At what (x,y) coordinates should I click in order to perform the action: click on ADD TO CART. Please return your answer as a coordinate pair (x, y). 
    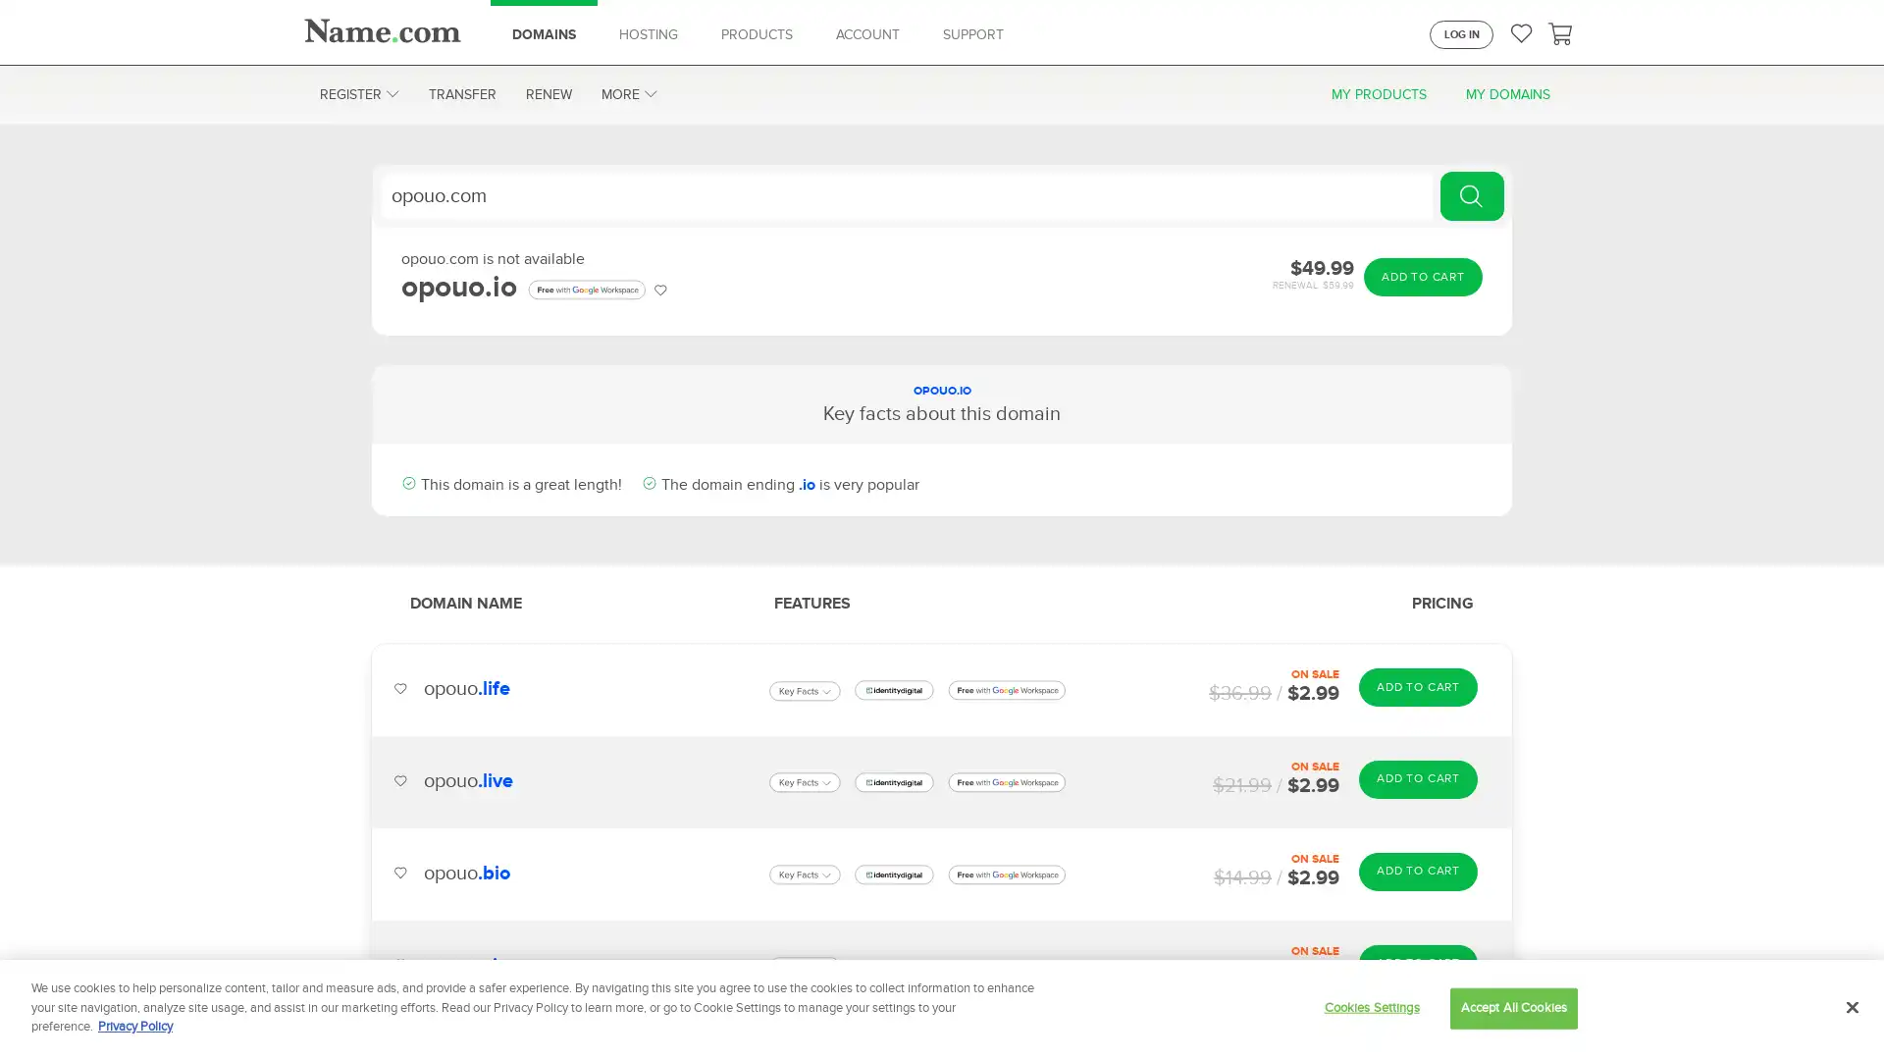
    Looking at the image, I should click on (1418, 870).